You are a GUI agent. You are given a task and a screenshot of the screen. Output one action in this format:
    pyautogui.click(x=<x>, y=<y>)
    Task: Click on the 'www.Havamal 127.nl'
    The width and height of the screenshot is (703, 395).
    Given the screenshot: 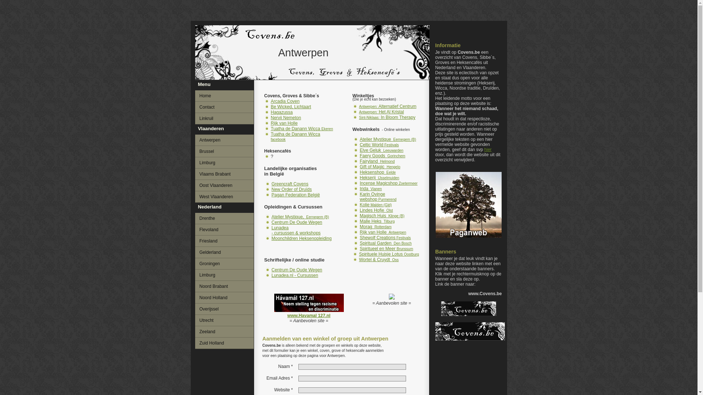 What is the action you would take?
    pyautogui.click(x=309, y=313)
    